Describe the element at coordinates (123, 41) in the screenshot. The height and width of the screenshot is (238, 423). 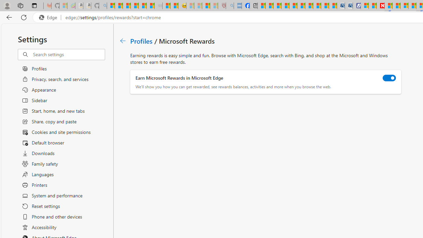
I see `'Class: c01179'` at that location.